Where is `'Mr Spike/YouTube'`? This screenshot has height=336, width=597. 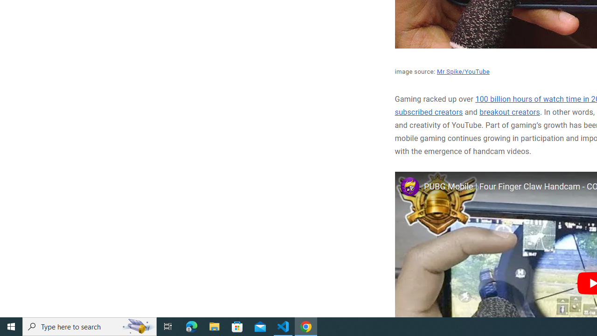
'Mr Spike/YouTube' is located at coordinates (463, 71).